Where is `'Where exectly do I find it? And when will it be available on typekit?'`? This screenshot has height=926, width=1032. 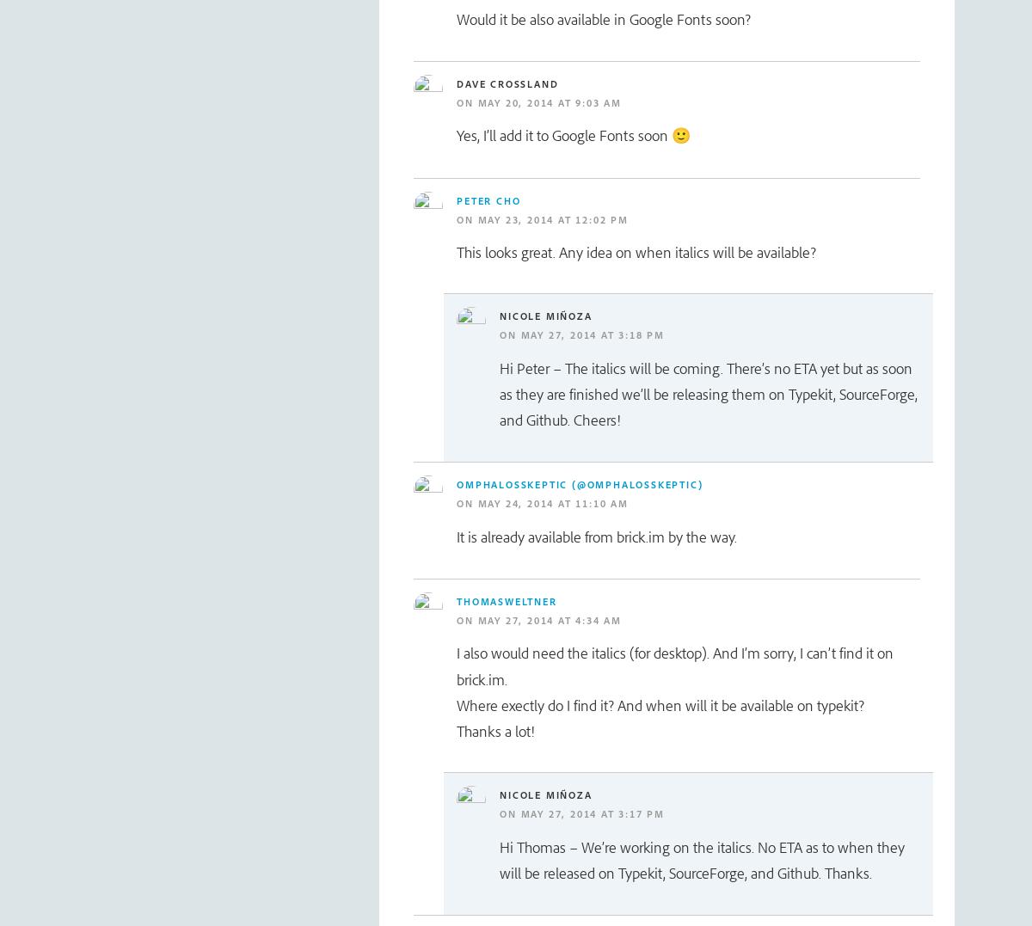 'Where exectly do I find it? And when will it be available on typekit?' is located at coordinates (456, 704).